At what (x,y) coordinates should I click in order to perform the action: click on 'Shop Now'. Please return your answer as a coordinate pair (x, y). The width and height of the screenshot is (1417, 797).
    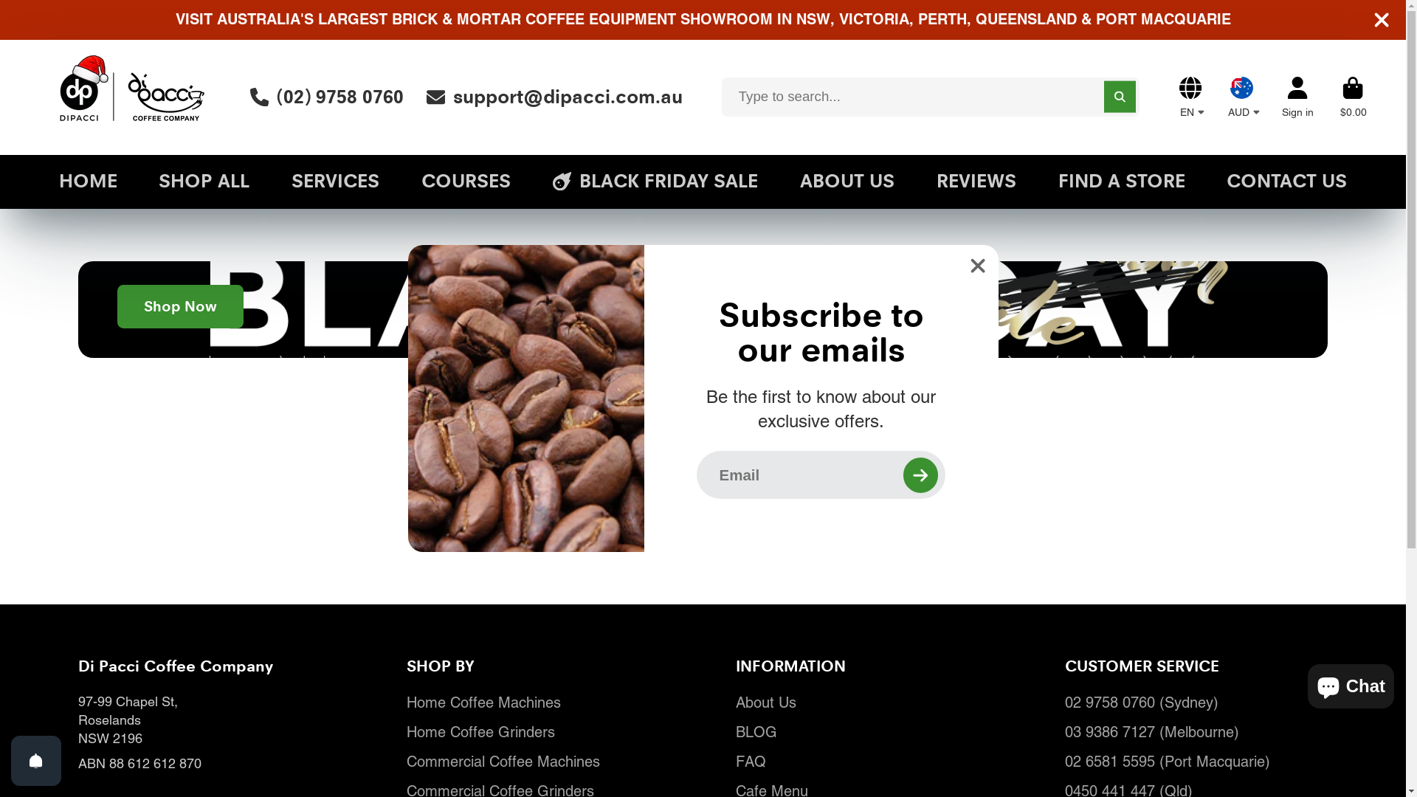
    Looking at the image, I should click on (179, 306).